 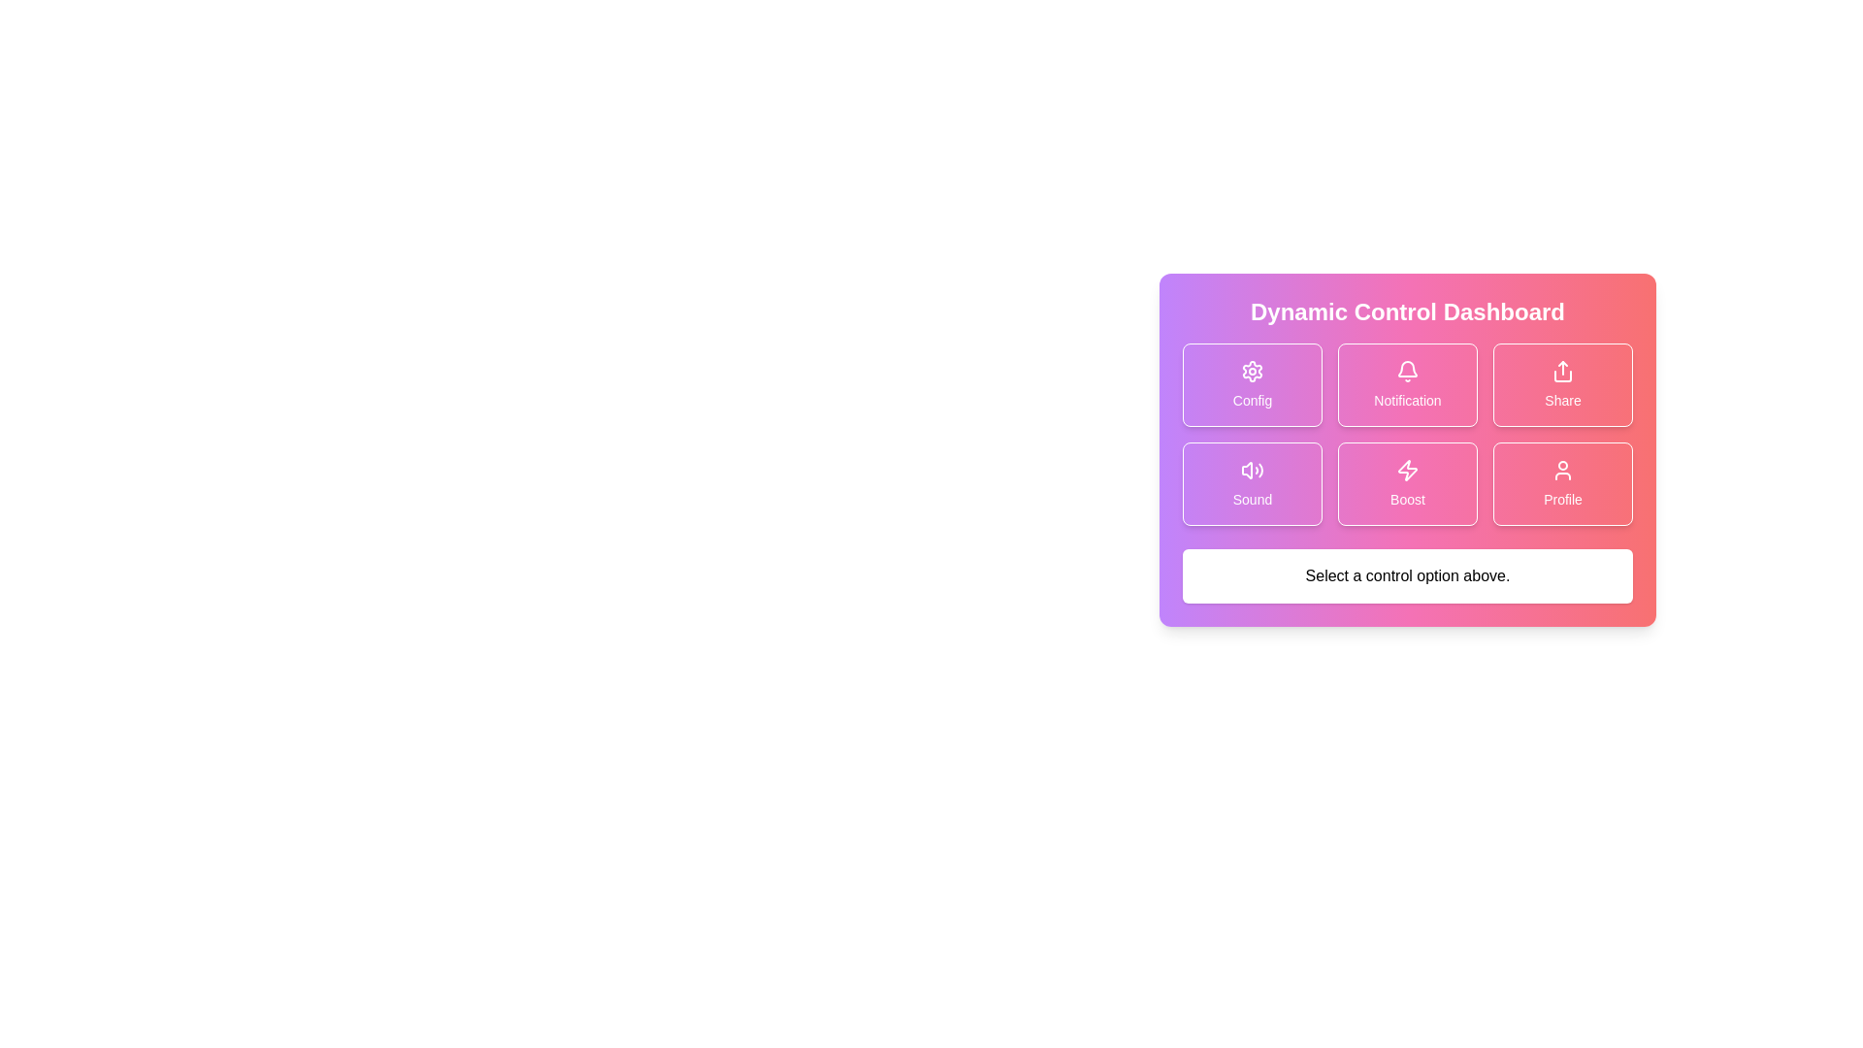 What do you see at coordinates (1407, 369) in the screenshot?
I see `the top portion of the bell icon representing the 'Notification' button located in the middle of the top row within the 2x3 grid layout` at bounding box center [1407, 369].